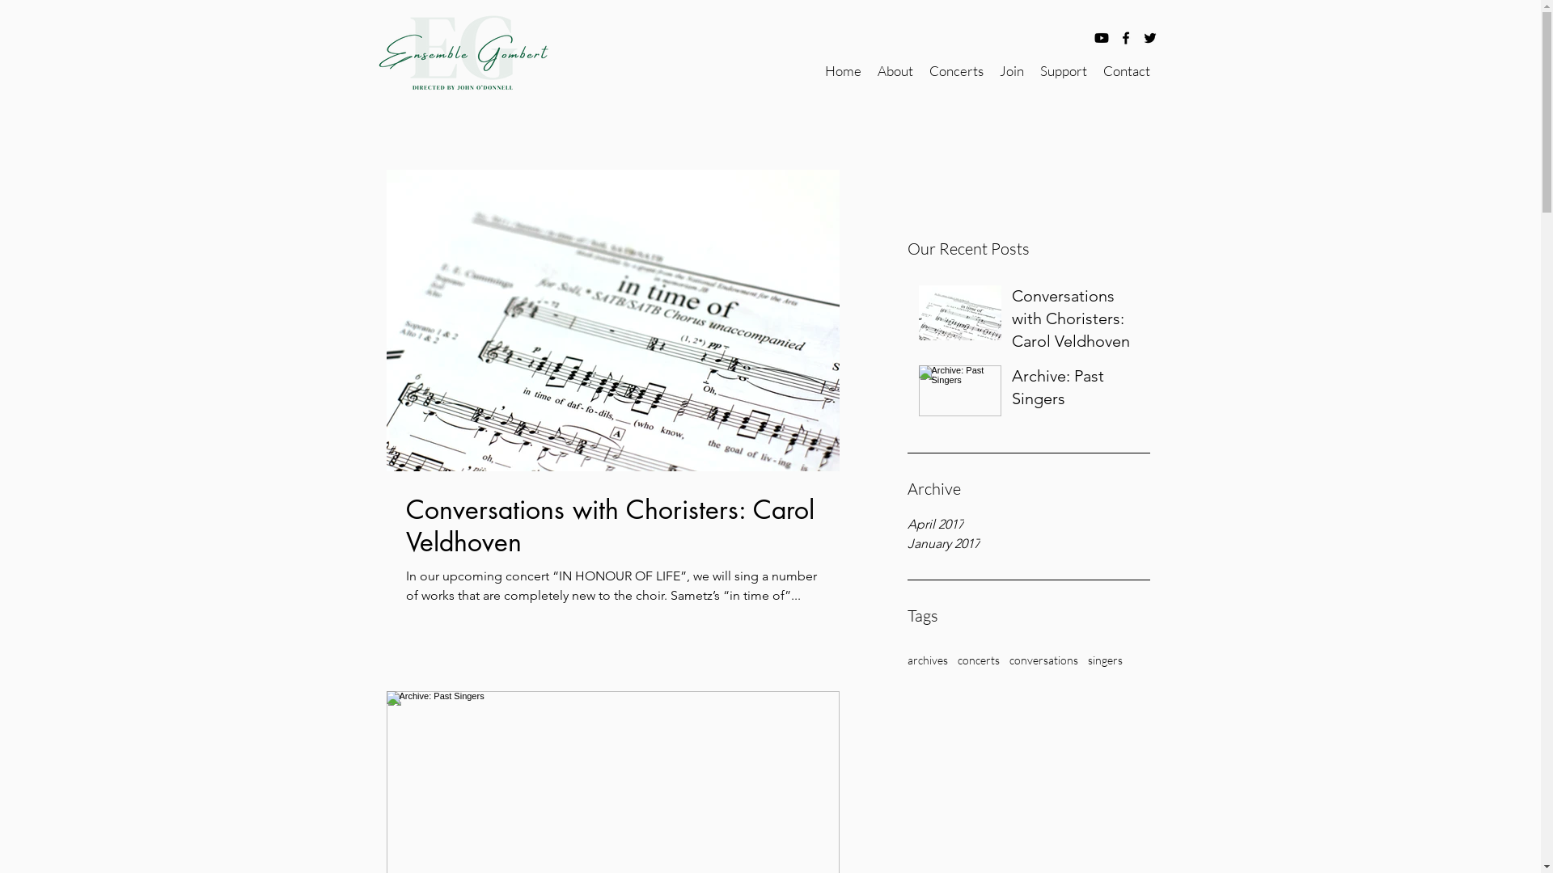 Image resolution: width=1553 pixels, height=873 pixels. Describe the element at coordinates (1031, 70) in the screenshot. I see `'Support'` at that location.